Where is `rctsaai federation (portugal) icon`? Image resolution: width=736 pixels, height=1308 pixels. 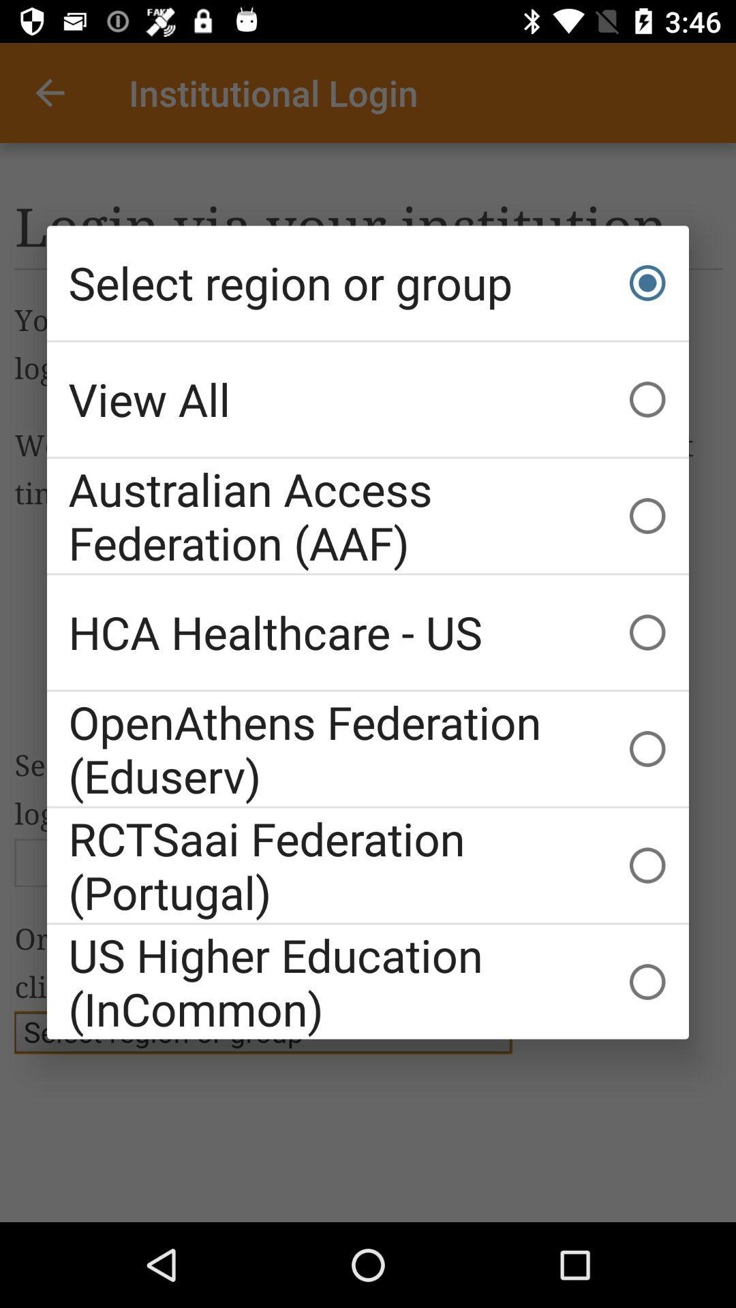 rctsaai federation (portugal) icon is located at coordinates (368, 865).